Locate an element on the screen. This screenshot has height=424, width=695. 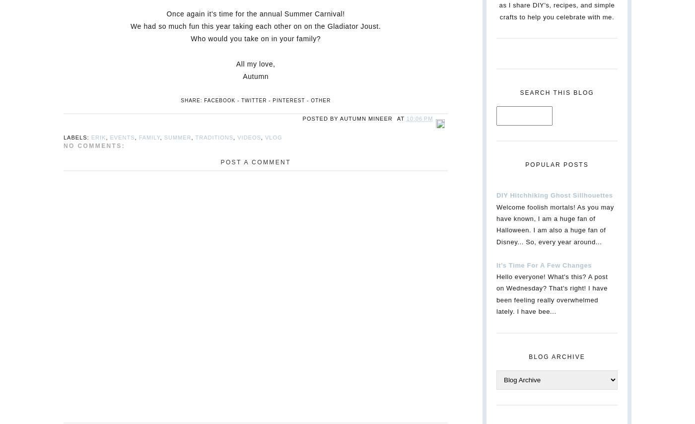
'Erik' is located at coordinates (98, 137).